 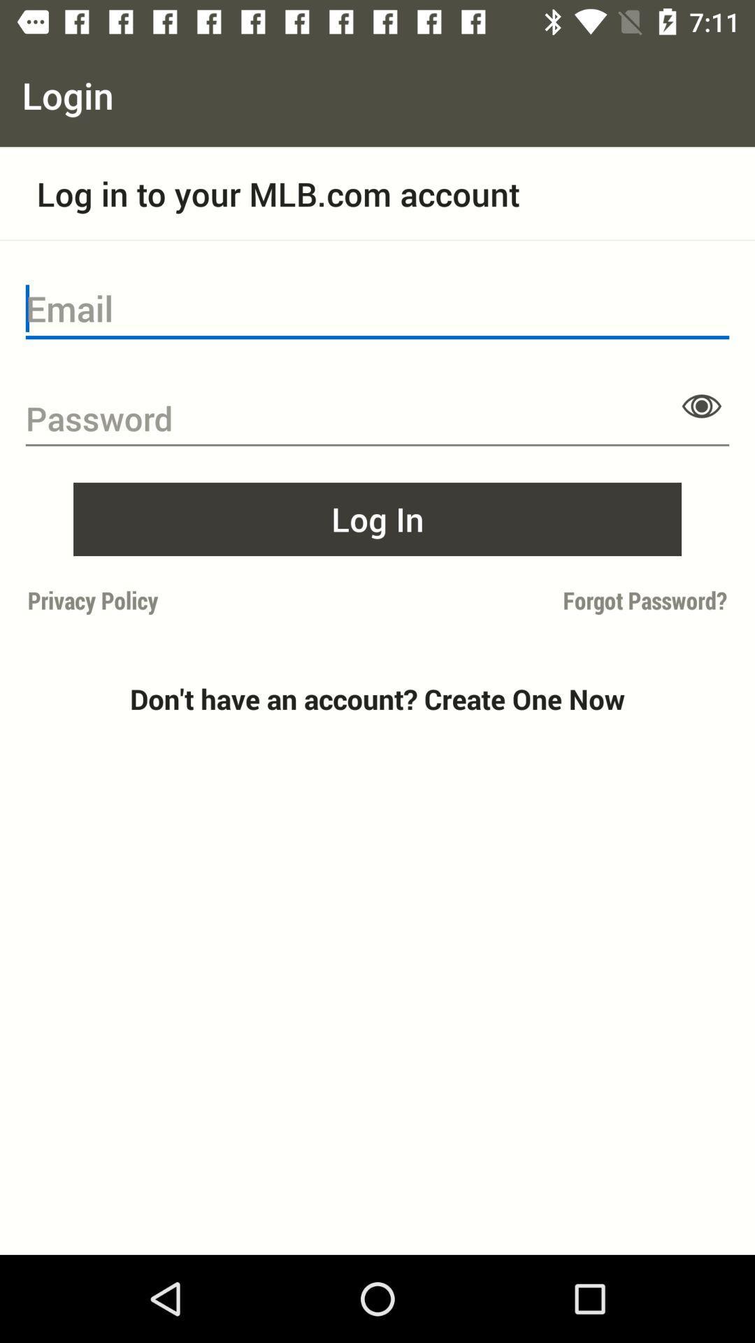 What do you see at coordinates (377, 418) in the screenshot?
I see `password` at bounding box center [377, 418].